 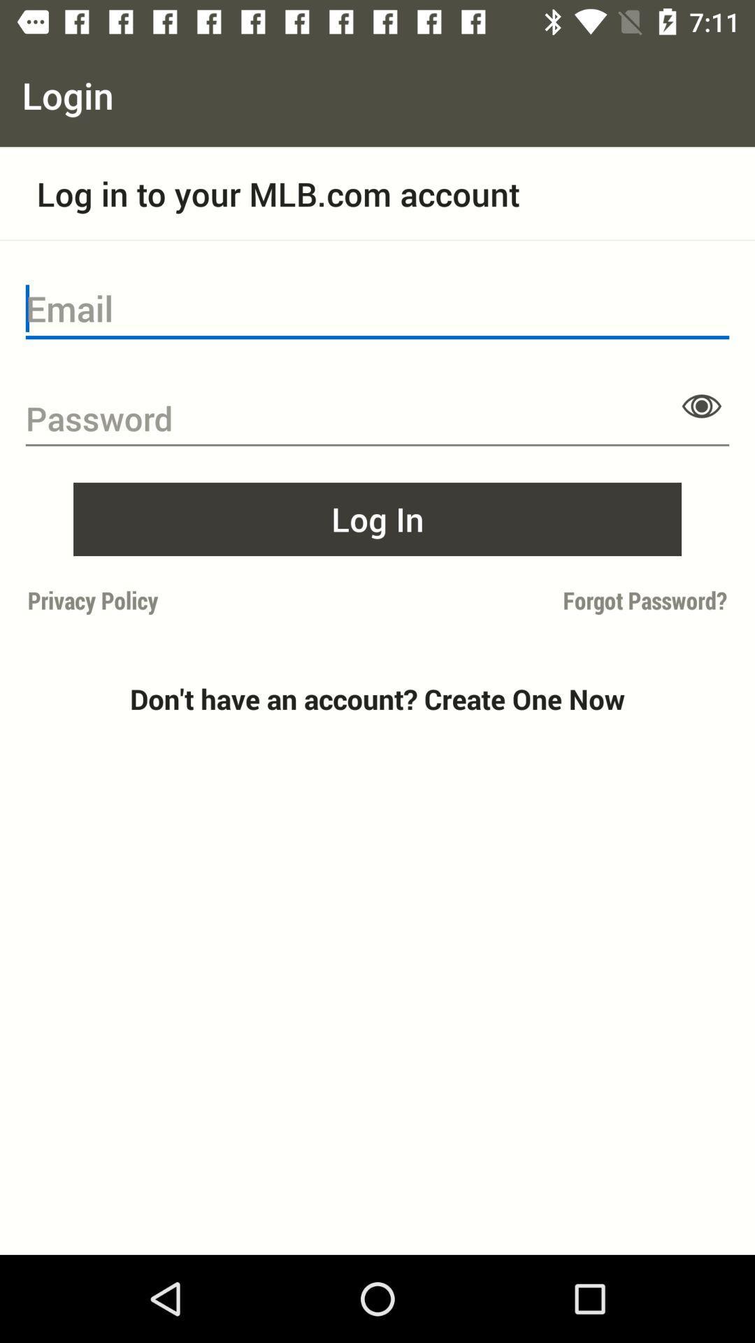 What do you see at coordinates (377, 418) in the screenshot?
I see `password` at bounding box center [377, 418].